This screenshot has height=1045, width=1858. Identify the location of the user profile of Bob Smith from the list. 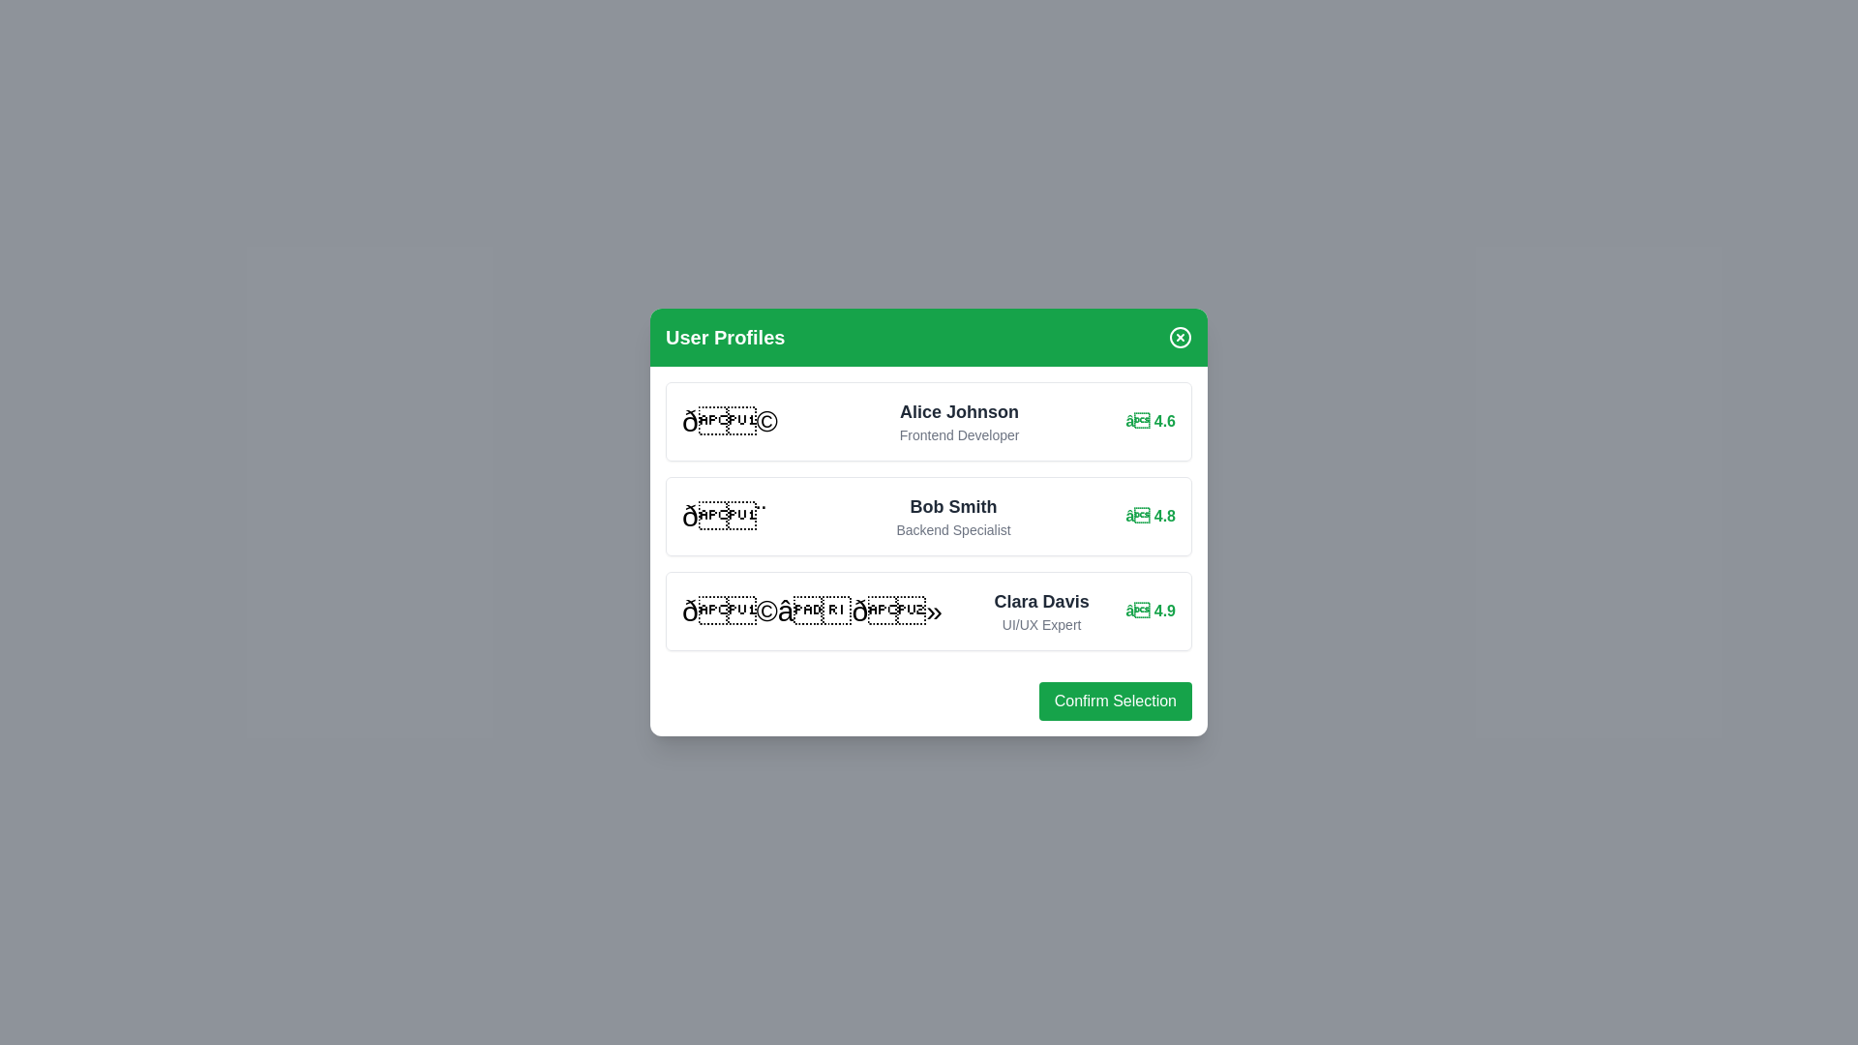
(929, 515).